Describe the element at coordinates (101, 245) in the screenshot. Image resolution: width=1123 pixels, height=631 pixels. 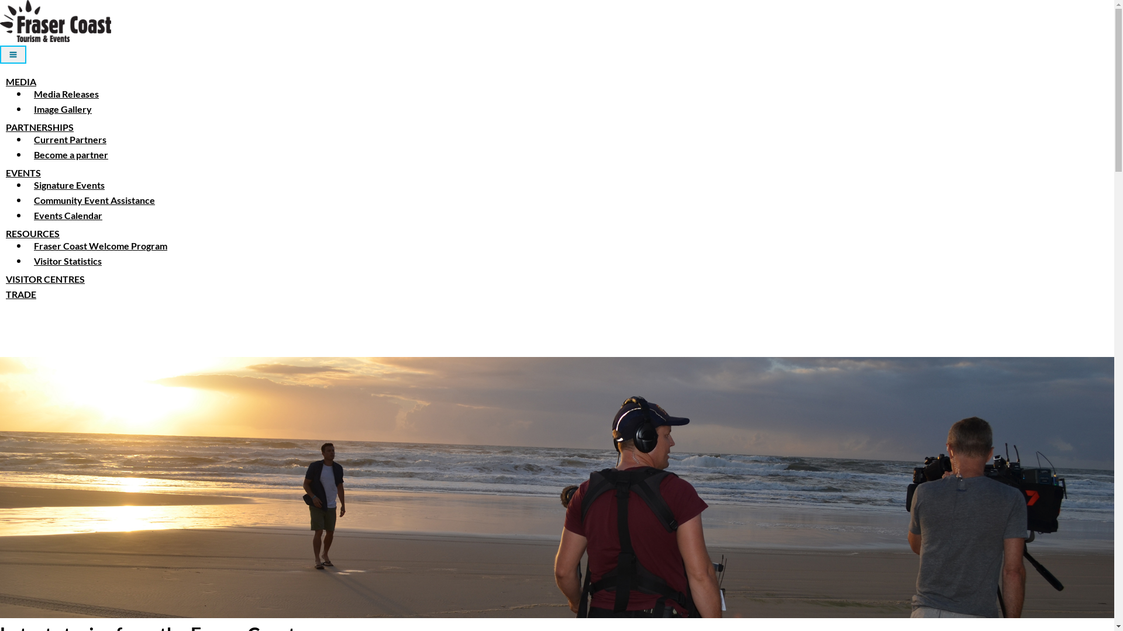
I see `'Fraser Coast Welcome Program'` at that location.